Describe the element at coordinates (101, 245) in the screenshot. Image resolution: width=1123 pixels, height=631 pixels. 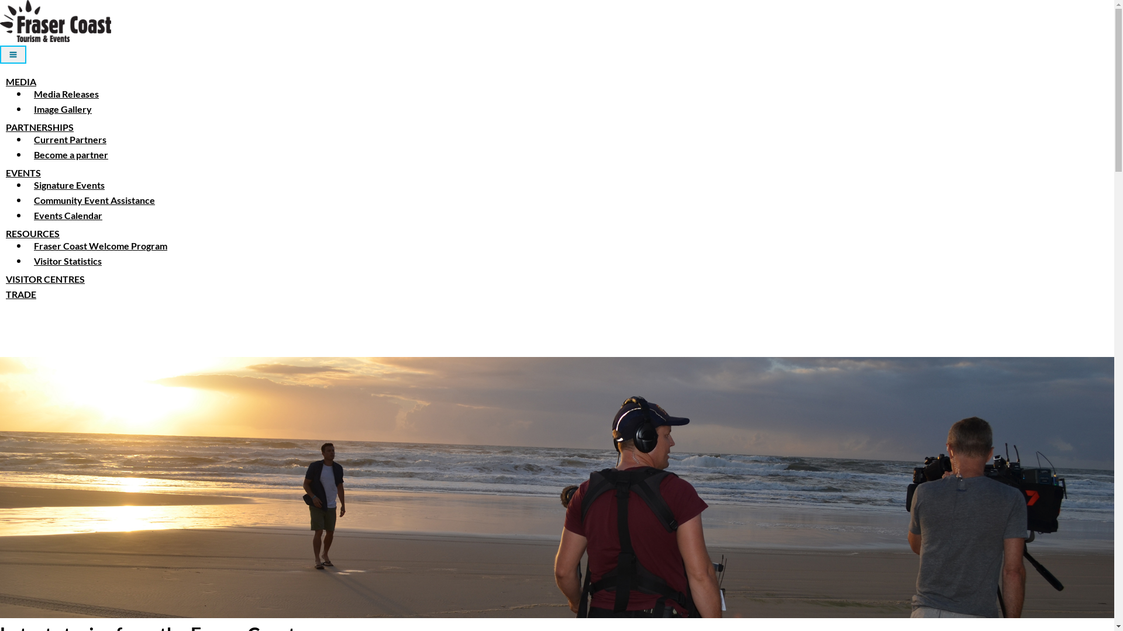
I see `'Fraser Coast Welcome Program'` at that location.